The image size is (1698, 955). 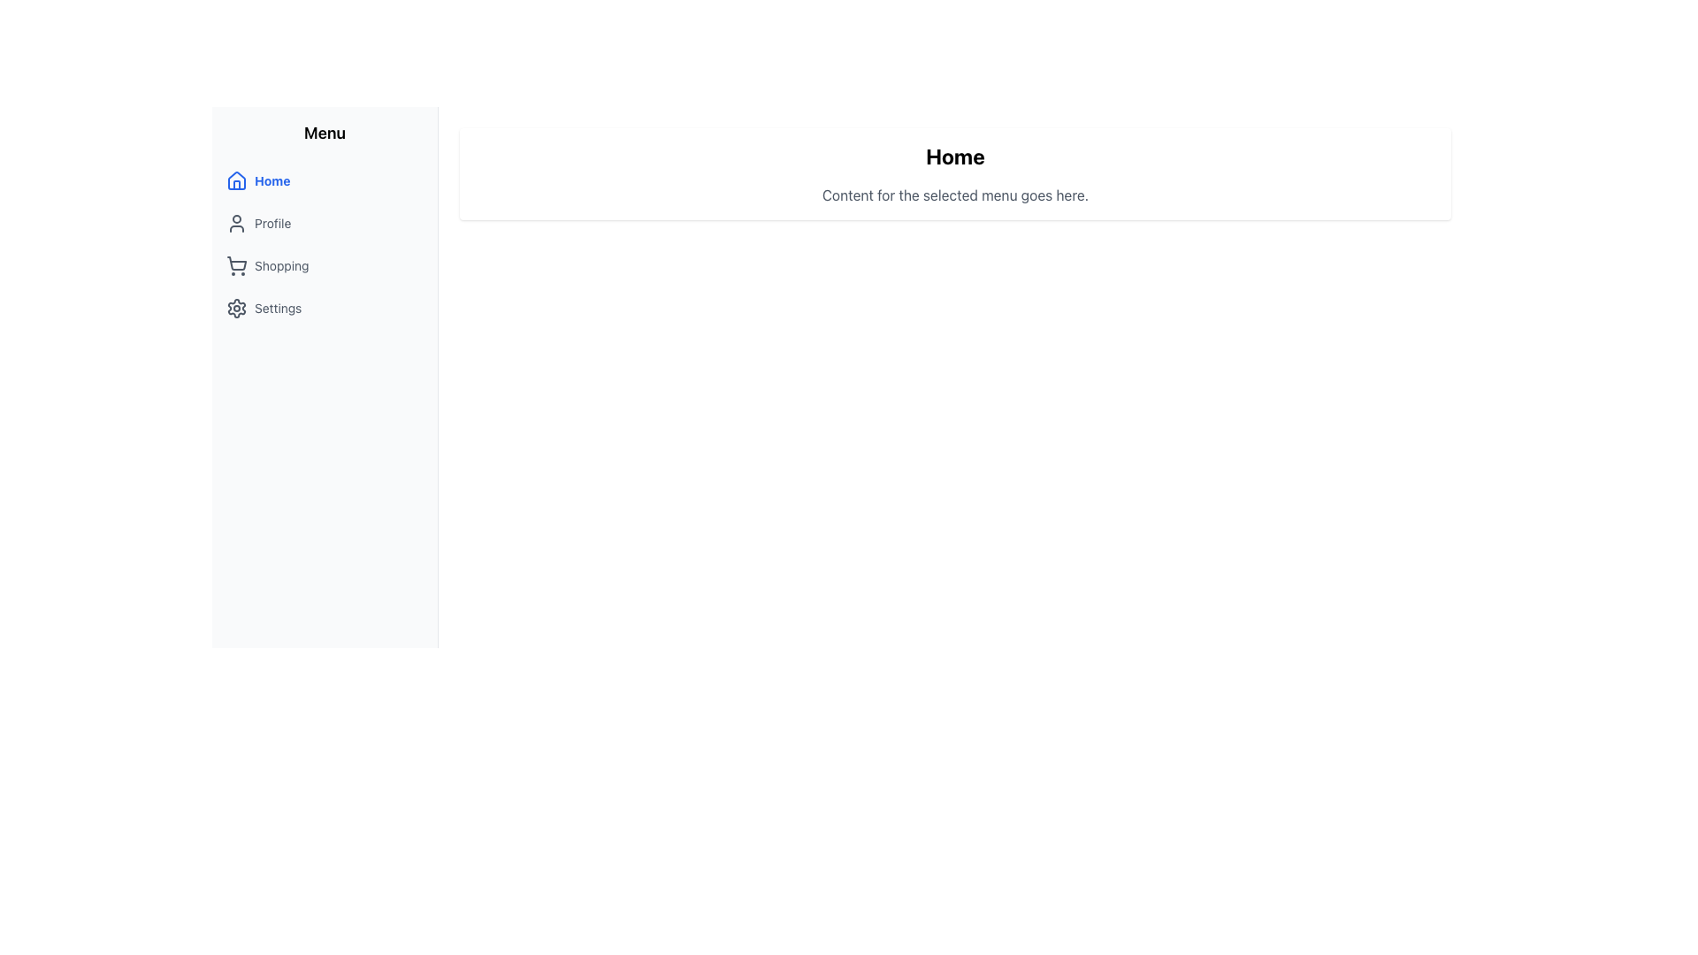 What do you see at coordinates (325, 132) in the screenshot?
I see `the 'Menu' text label located at the top of the vertical sidebar, which is styled with a bold and medium-large font size and is visually separated from other elements` at bounding box center [325, 132].